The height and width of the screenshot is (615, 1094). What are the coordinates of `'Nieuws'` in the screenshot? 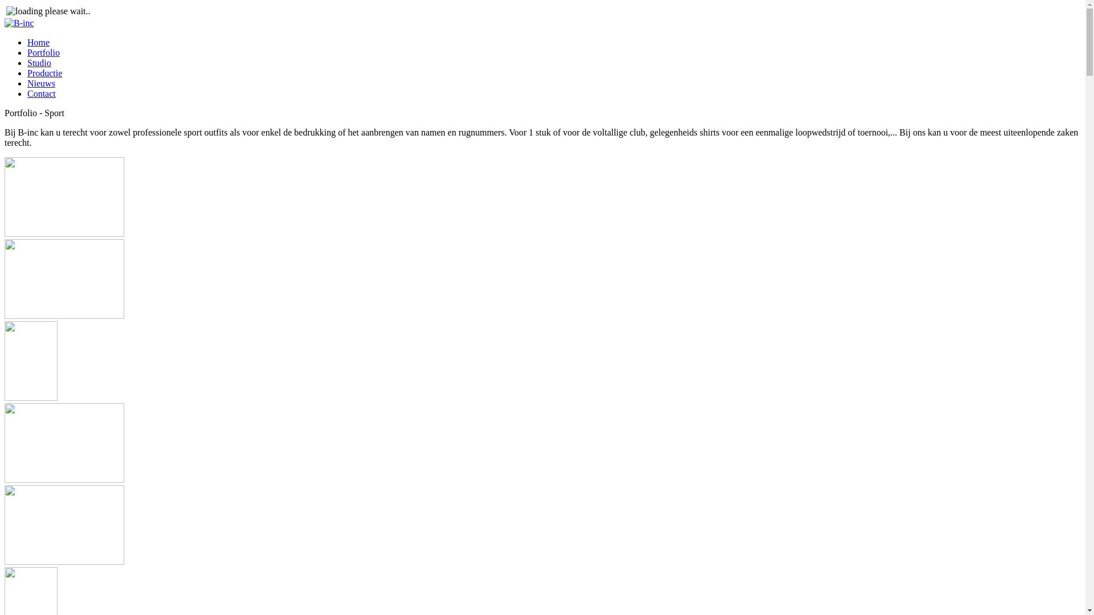 It's located at (27, 83).